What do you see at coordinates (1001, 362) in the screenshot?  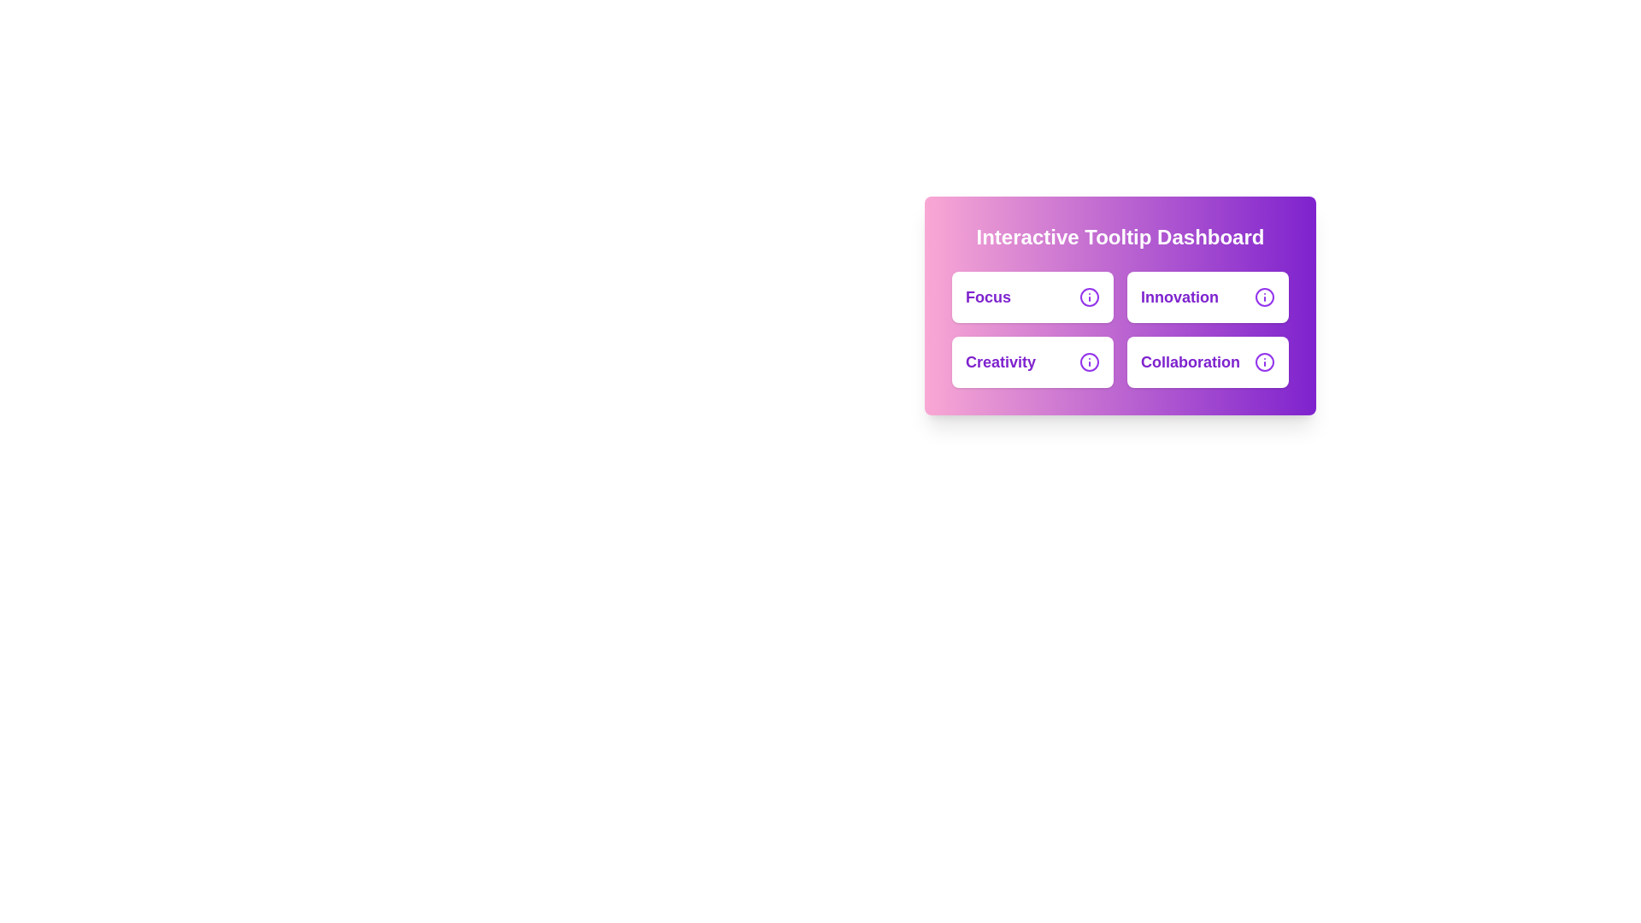 I see `the Text label that contains the word 'Creativity' in bold purple font, located in the bottom-left section of a card layout, below the text 'Focus' and to the left of a purple circular icon` at bounding box center [1001, 362].